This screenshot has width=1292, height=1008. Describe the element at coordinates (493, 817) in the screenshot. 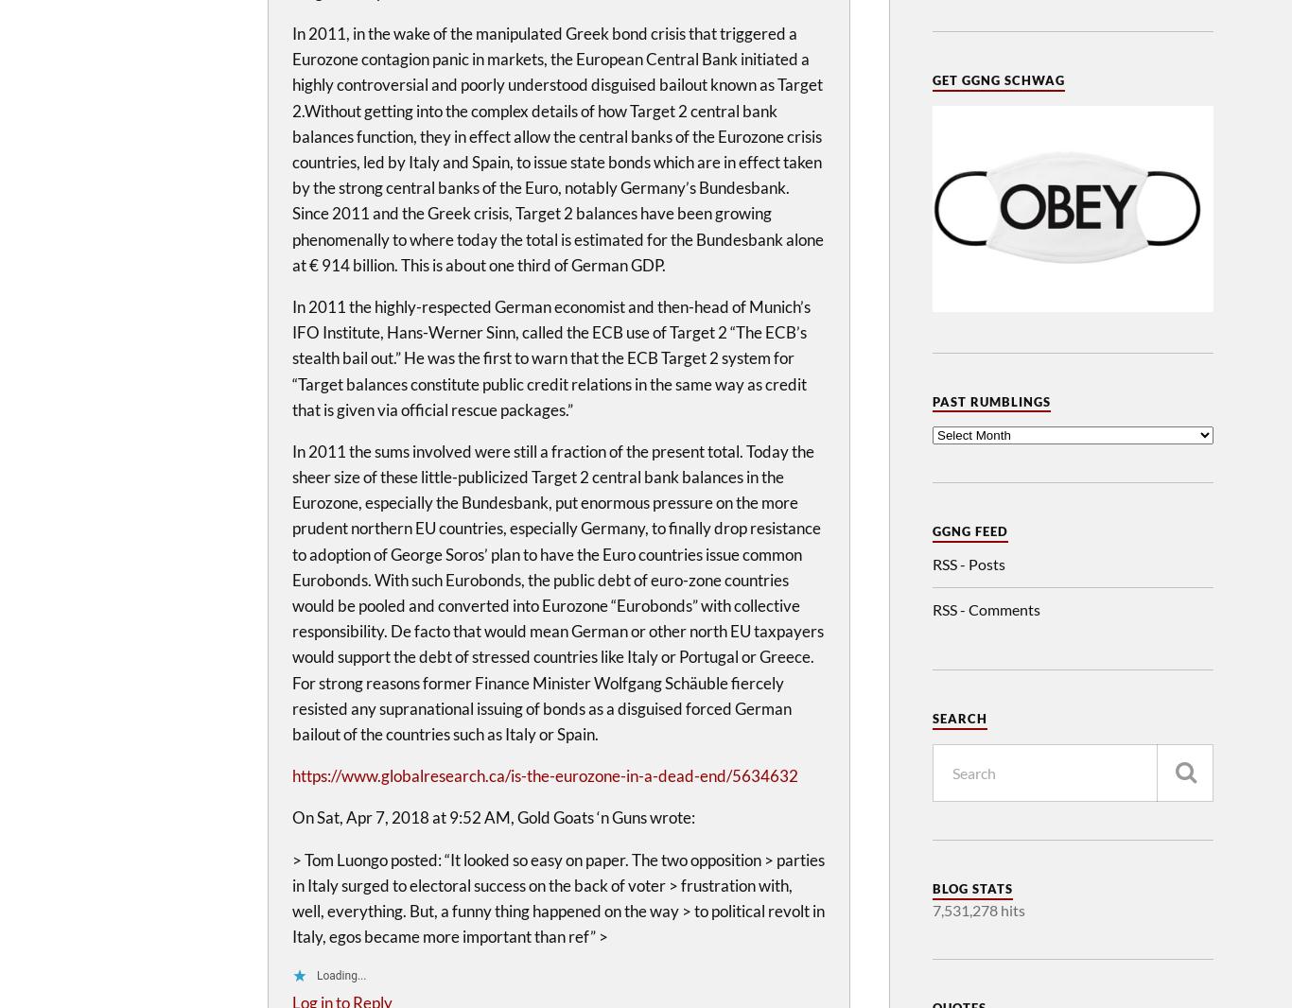

I see `'On Sat, Apr 7, 2018 at 9:52 AM, Gold Goats ‘n Guns  wrote:'` at that location.